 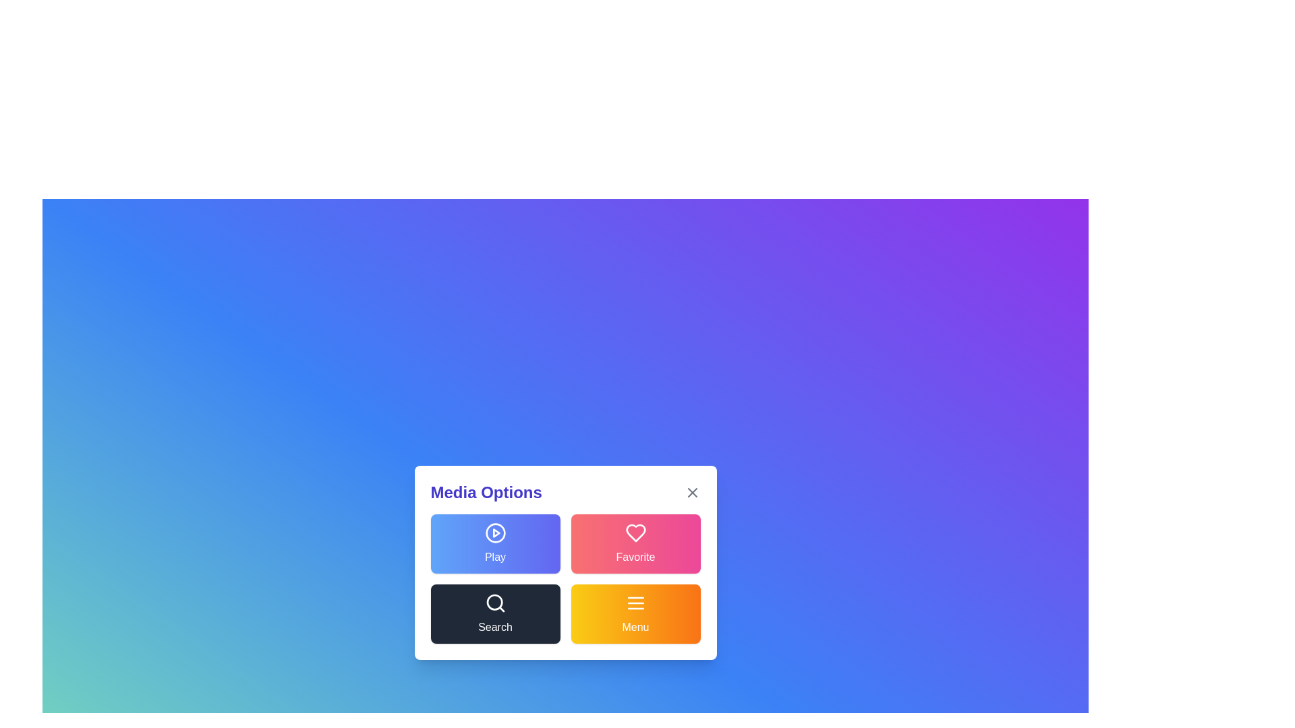 I want to click on the search icon located in the bottom-left section of the 'Media Options' dialog box, which is part of the 'Search' button to potentially display a tooltip, so click(x=494, y=602).